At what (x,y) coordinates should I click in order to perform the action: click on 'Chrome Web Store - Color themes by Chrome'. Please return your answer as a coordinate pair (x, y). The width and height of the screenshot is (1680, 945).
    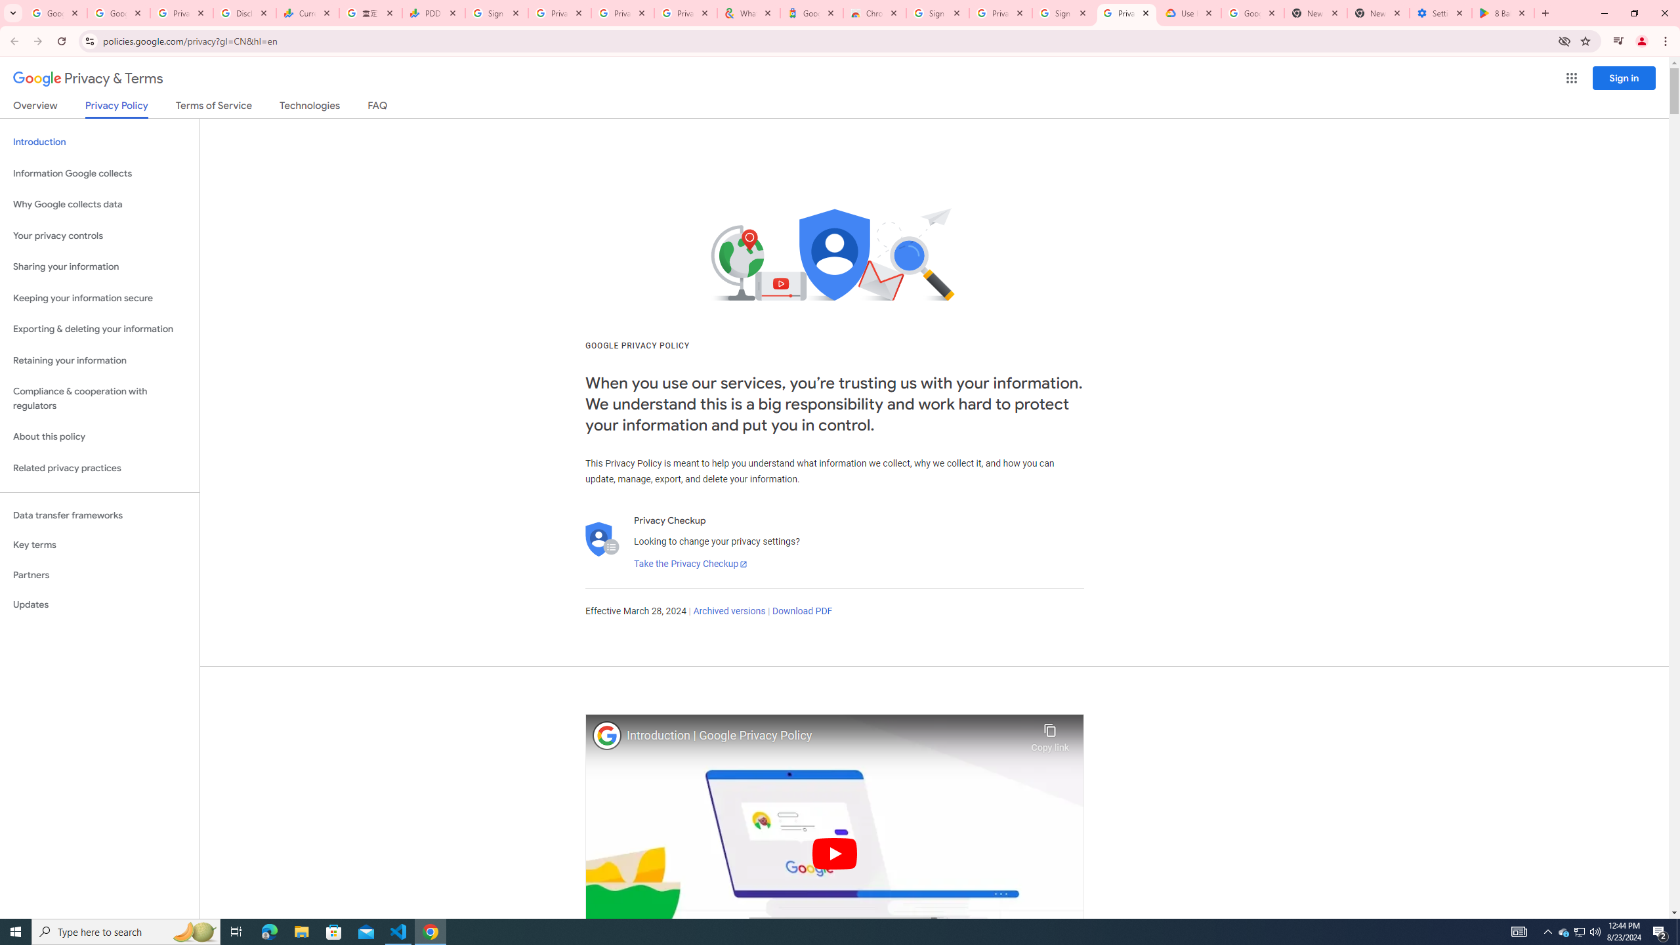
    Looking at the image, I should click on (874, 12).